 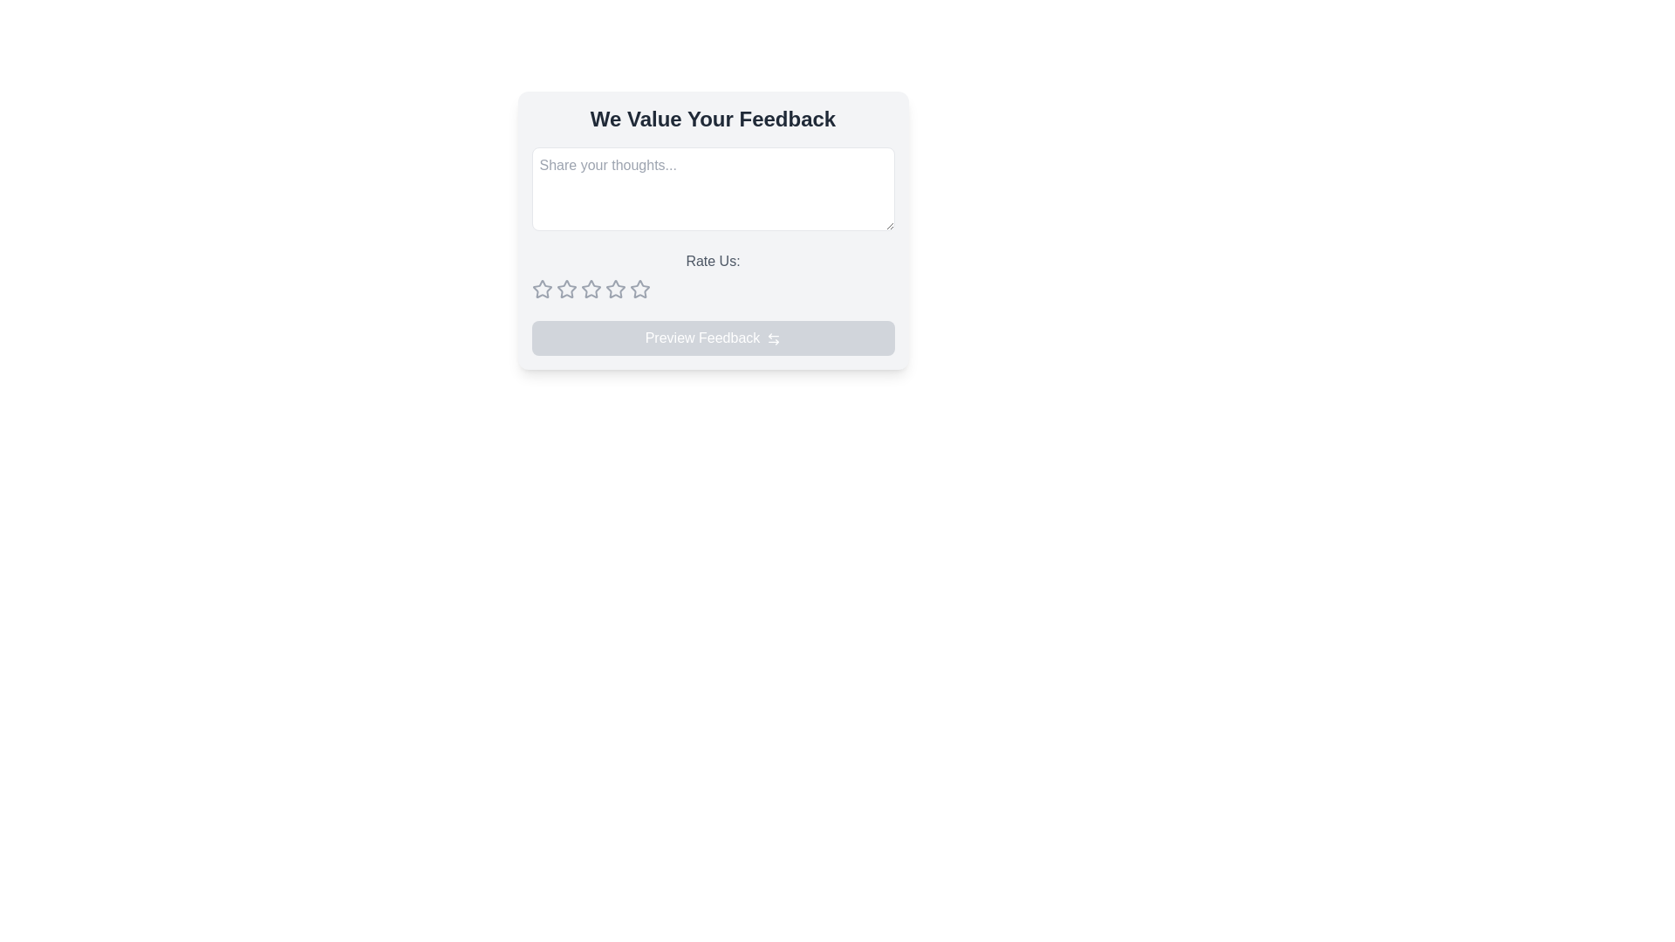 What do you see at coordinates (566, 288) in the screenshot?
I see `the second star icon in the star rating system located in the middle row of the feedback section under 'Rate Us'` at bounding box center [566, 288].